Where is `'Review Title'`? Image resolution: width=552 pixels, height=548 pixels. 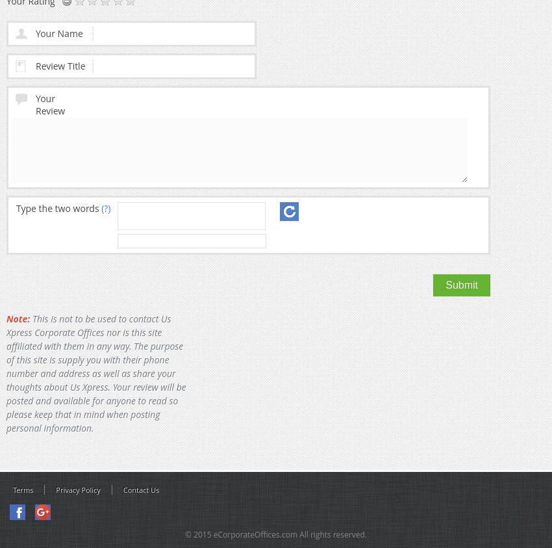 'Review Title' is located at coordinates (59, 64).